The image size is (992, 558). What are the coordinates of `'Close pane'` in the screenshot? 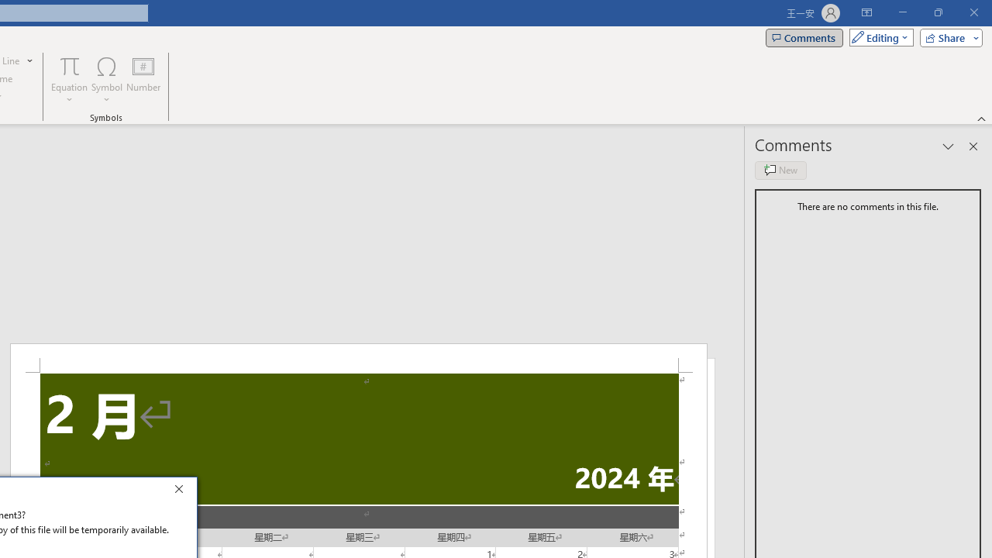 It's located at (973, 146).